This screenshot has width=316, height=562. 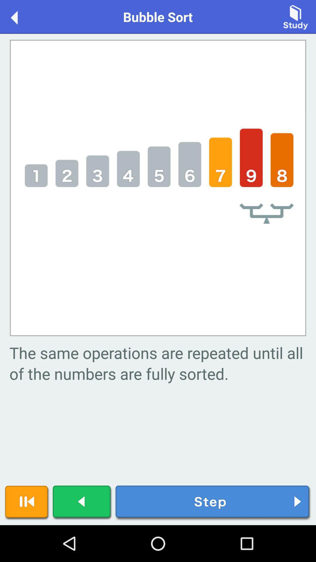 I want to click on pause, so click(x=27, y=503).